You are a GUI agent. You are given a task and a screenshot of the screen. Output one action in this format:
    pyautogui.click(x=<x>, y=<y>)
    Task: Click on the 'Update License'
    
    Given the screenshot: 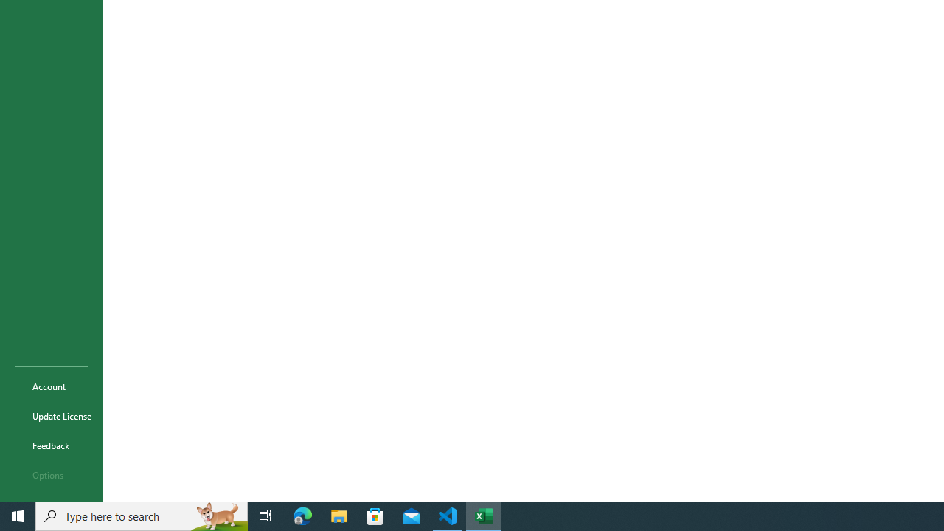 What is the action you would take?
    pyautogui.click(x=51, y=416)
    